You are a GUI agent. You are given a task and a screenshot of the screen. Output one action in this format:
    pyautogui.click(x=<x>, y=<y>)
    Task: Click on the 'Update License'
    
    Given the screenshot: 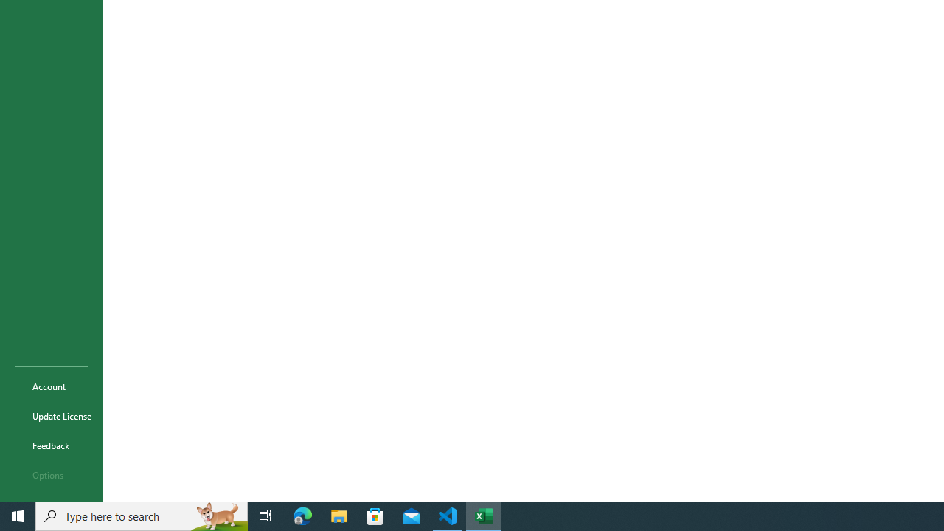 What is the action you would take?
    pyautogui.click(x=51, y=416)
    